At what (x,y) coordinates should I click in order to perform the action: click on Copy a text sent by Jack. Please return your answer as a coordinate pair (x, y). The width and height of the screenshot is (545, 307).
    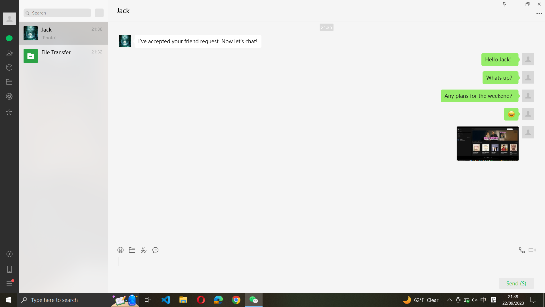
    Looking at the image, I should click on (198, 41).